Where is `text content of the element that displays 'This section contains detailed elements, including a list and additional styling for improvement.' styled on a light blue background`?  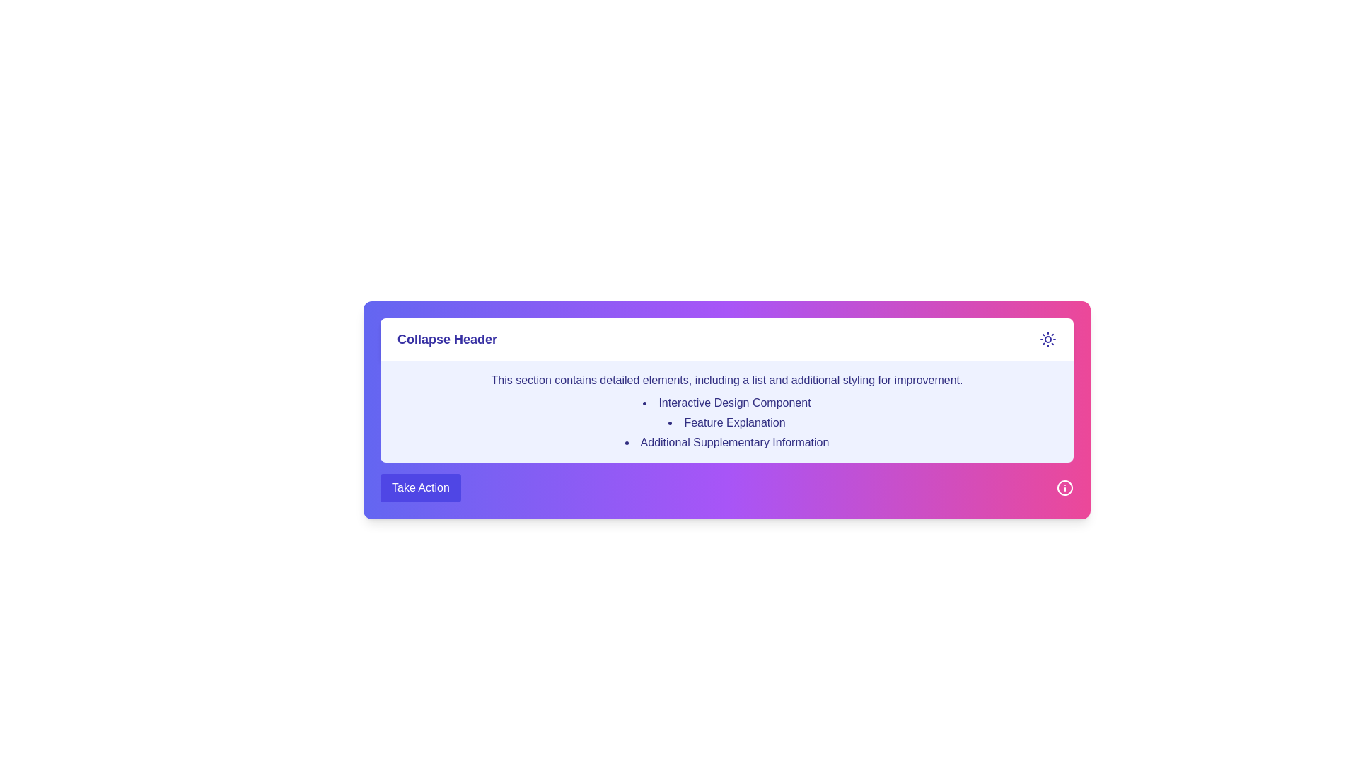 text content of the element that displays 'This section contains detailed elements, including a list and additional styling for improvement.' styled on a light blue background is located at coordinates (726, 379).